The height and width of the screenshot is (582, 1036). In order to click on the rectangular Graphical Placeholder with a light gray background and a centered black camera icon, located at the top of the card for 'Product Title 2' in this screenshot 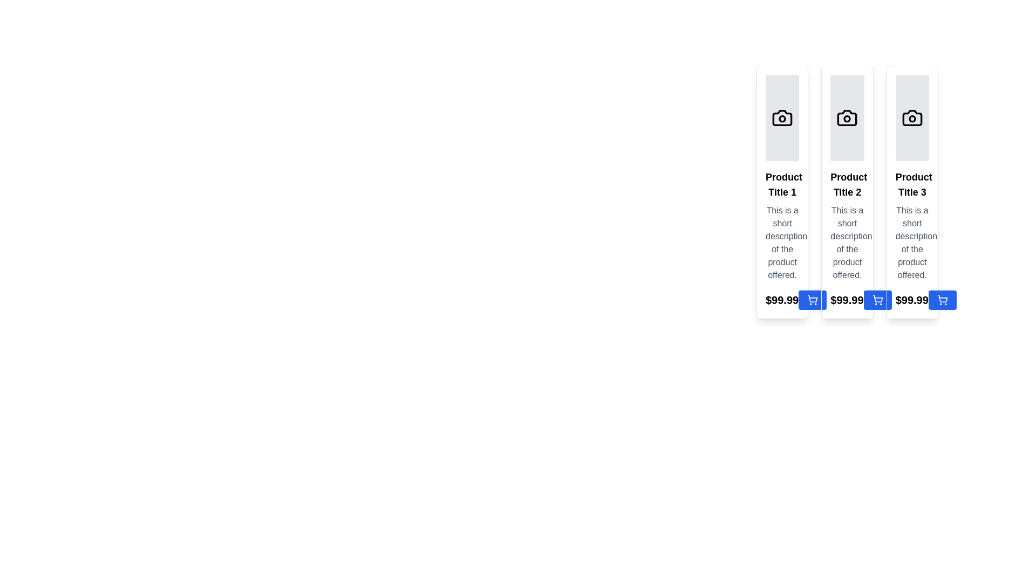, I will do `click(847, 118)`.